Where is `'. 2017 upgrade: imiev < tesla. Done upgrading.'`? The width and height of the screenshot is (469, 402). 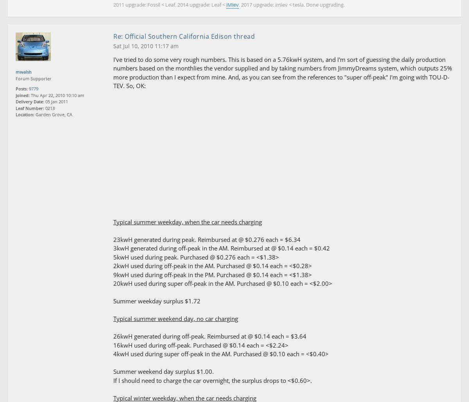
'. 2017 upgrade: imiev < tesla. Done upgrading.' is located at coordinates (292, 5).